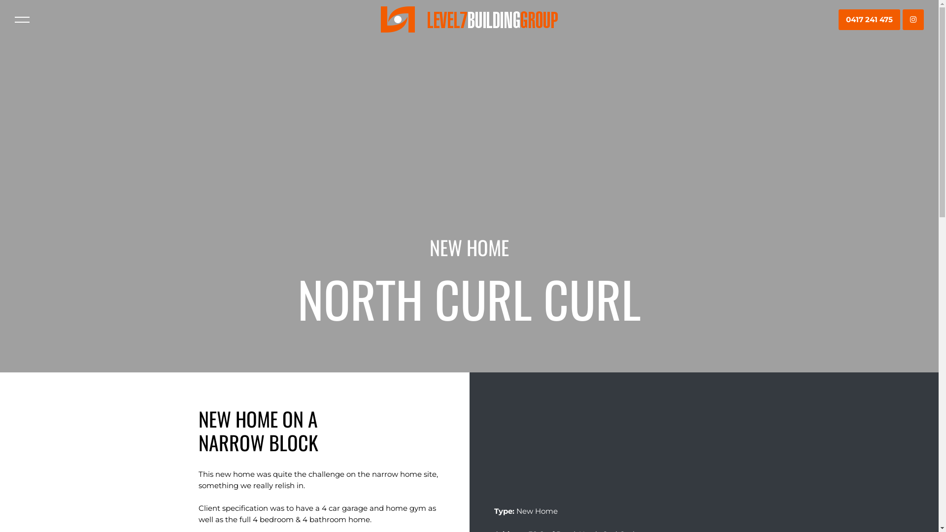 The height and width of the screenshot is (532, 946). Describe the element at coordinates (912, 20) in the screenshot. I see `'Level 7 Building Group Narrabeen on Instagram'` at that location.